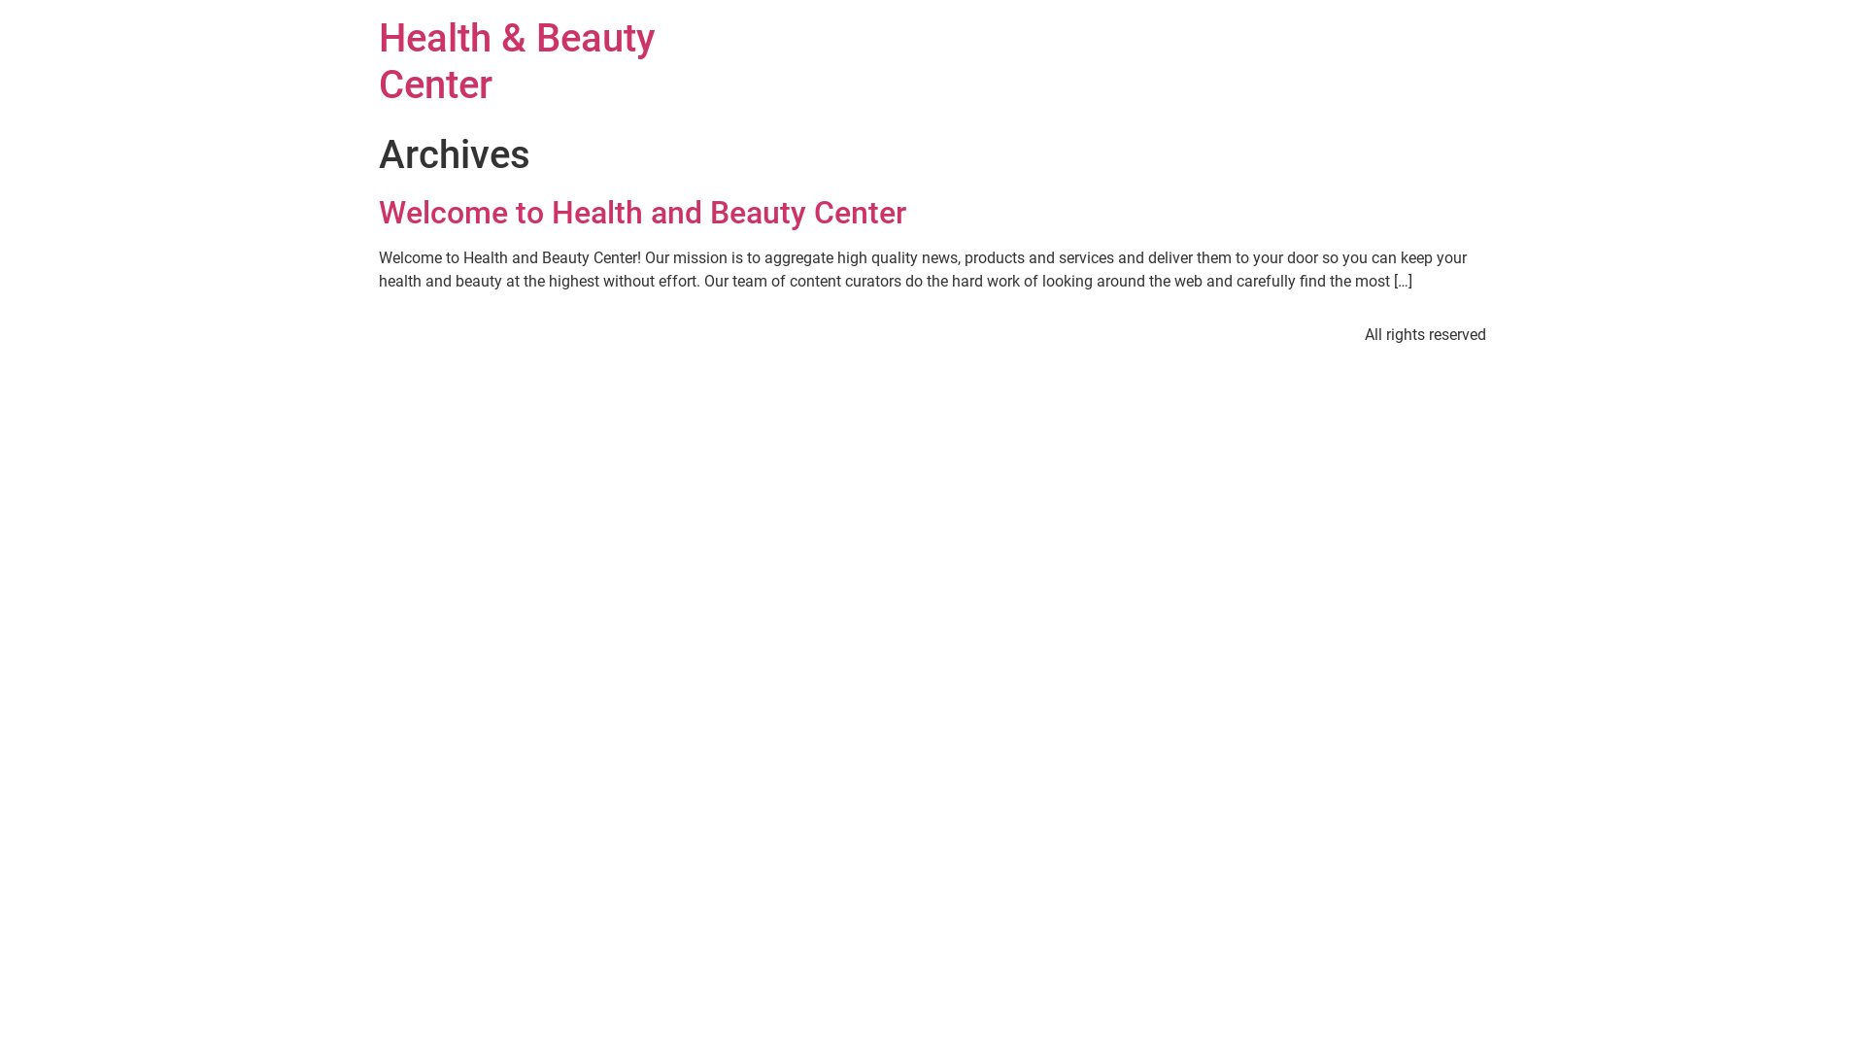 The image size is (1865, 1049). I want to click on 'Health & Beauty Center', so click(517, 60).